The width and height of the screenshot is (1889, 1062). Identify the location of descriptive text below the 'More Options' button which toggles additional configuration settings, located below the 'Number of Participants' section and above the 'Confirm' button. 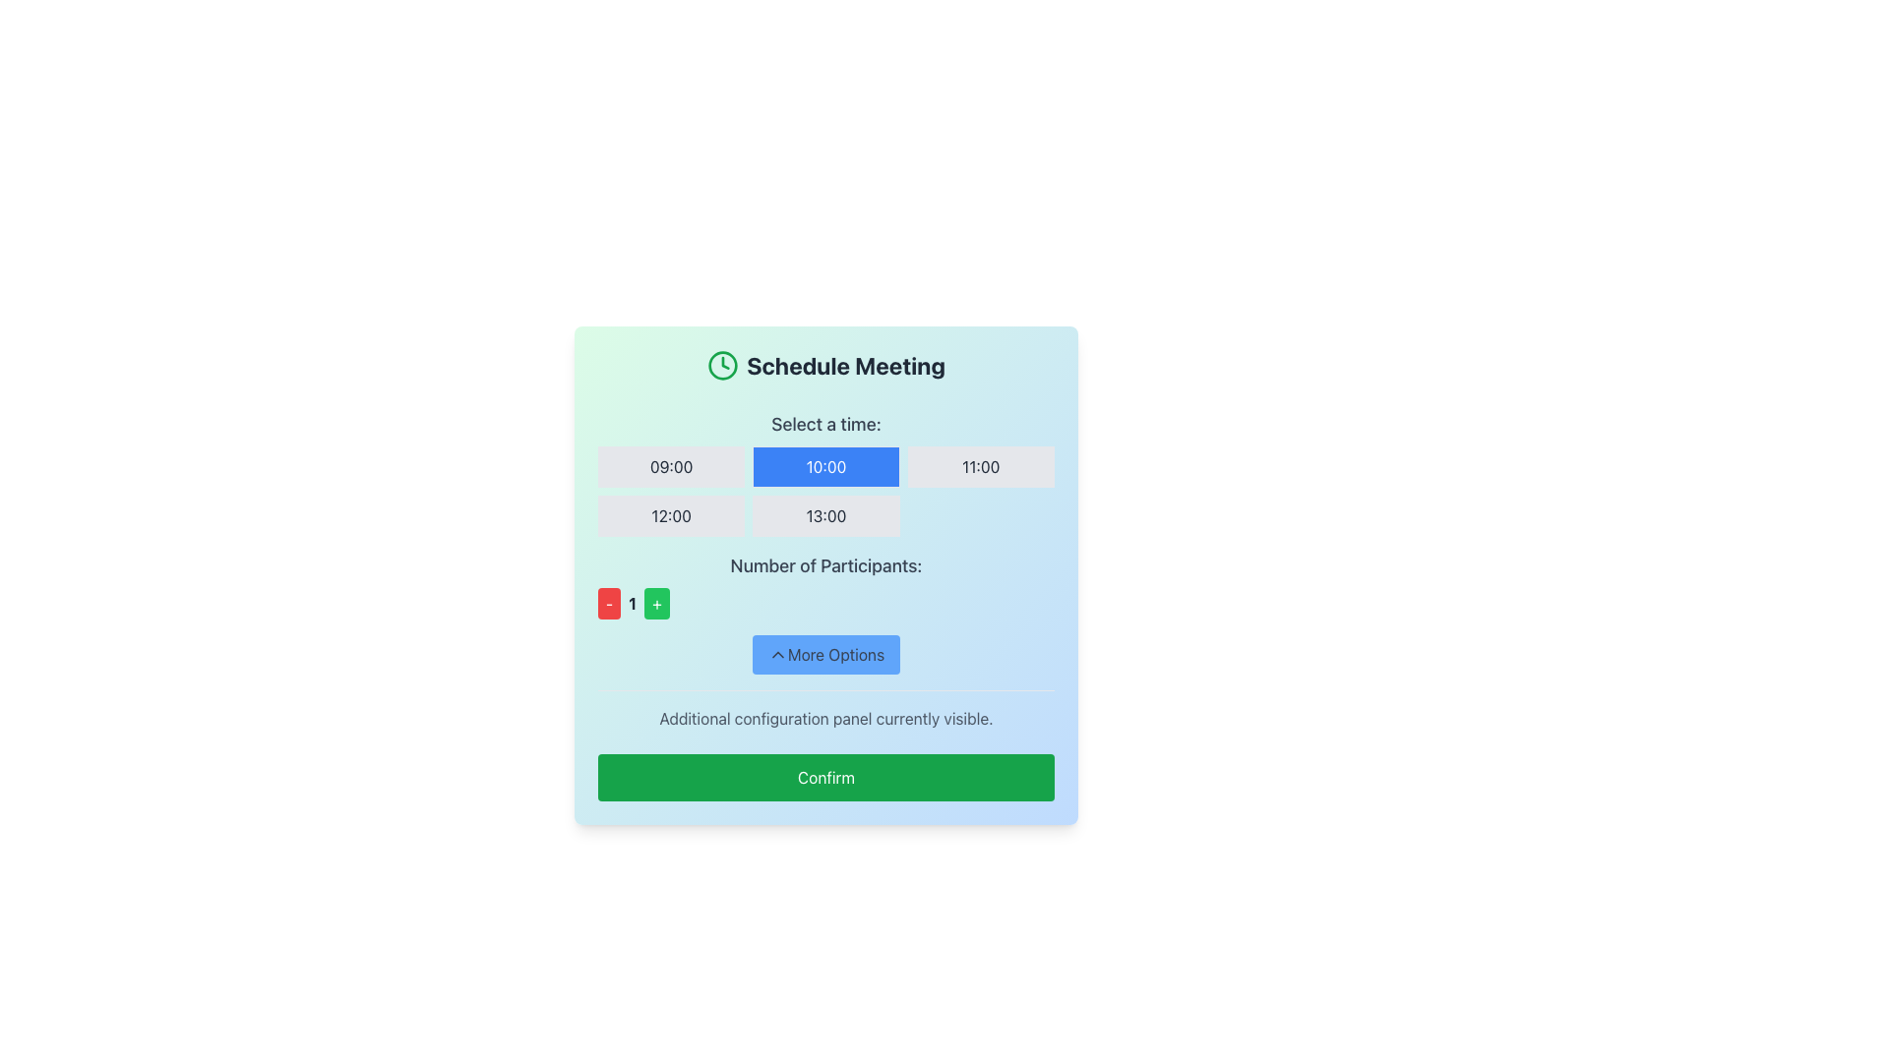
(826, 681).